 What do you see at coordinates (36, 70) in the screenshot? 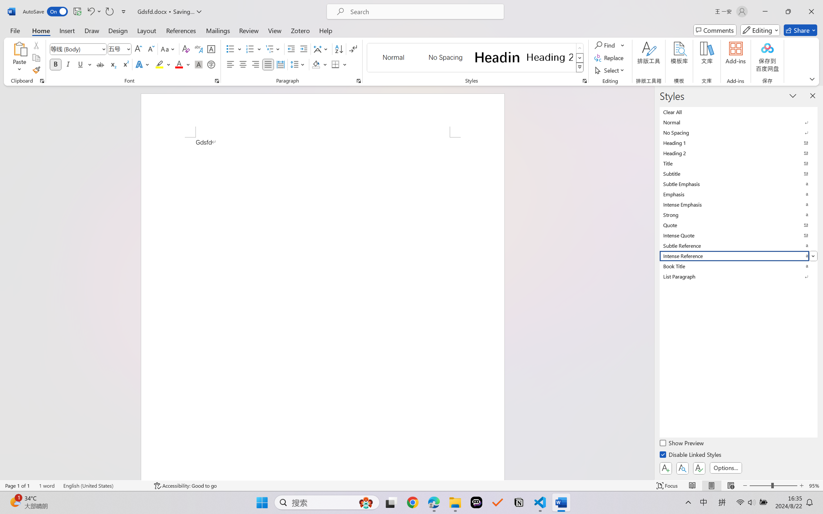
I see `'Format Painter'` at bounding box center [36, 70].